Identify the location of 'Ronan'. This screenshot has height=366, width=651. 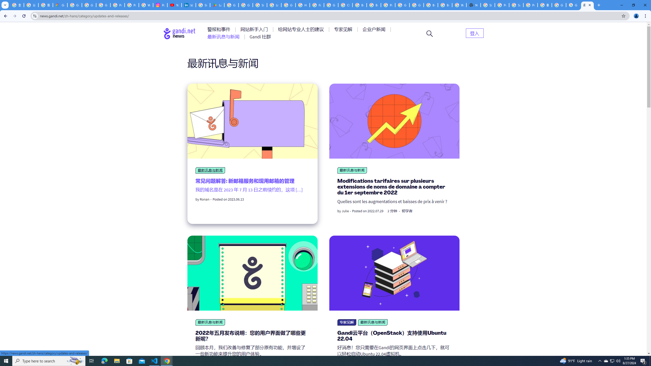
(204, 199).